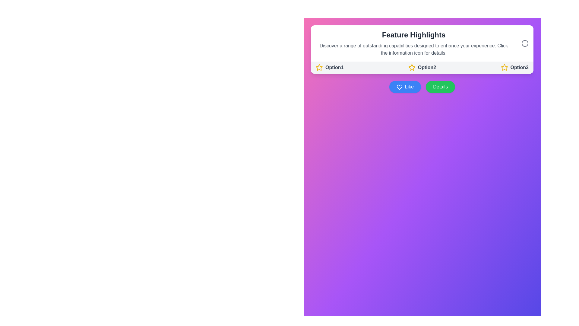 This screenshot has height=326, width=579. What do you see at coordinates (440, 87) in the screenshot?
I see `the button located to the right of the 'Like' button` at bounding box center [440, 87].